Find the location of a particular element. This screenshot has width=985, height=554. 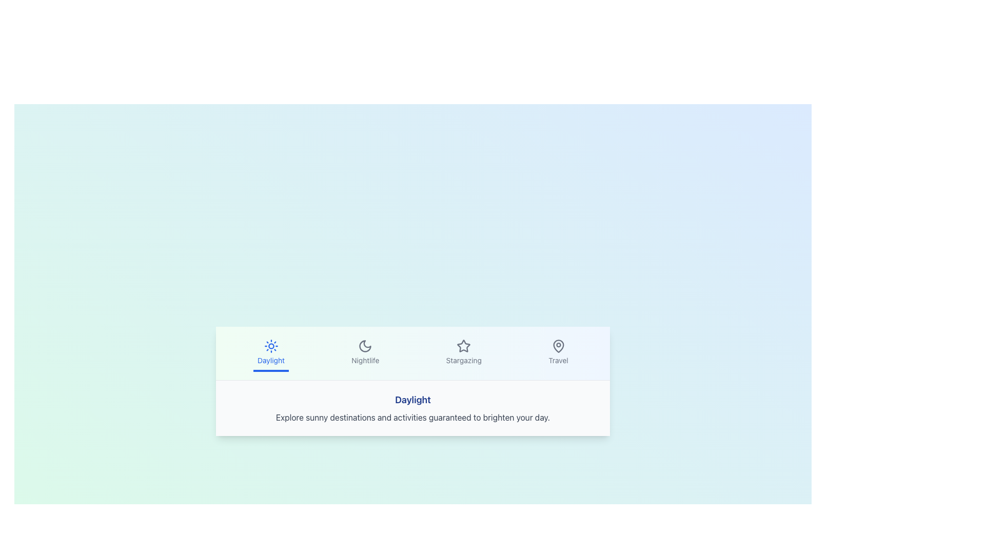

the map pin icon above the 'Travel' text label for accessibility purposes is located at coordinates (558, 346).